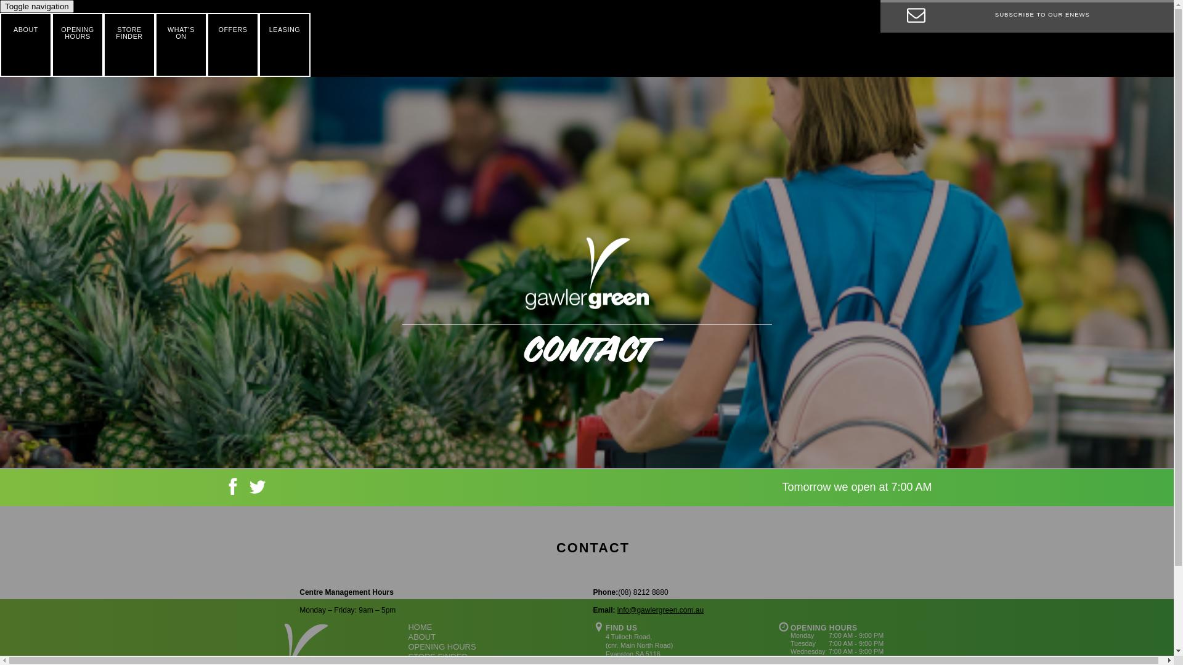 This screenshot has width=1183, height=665. What do you see at coordinates (659, 610) in the screenshot?
I see `'info@gawlergreen.com.au'` at bounding box center [659, 610].